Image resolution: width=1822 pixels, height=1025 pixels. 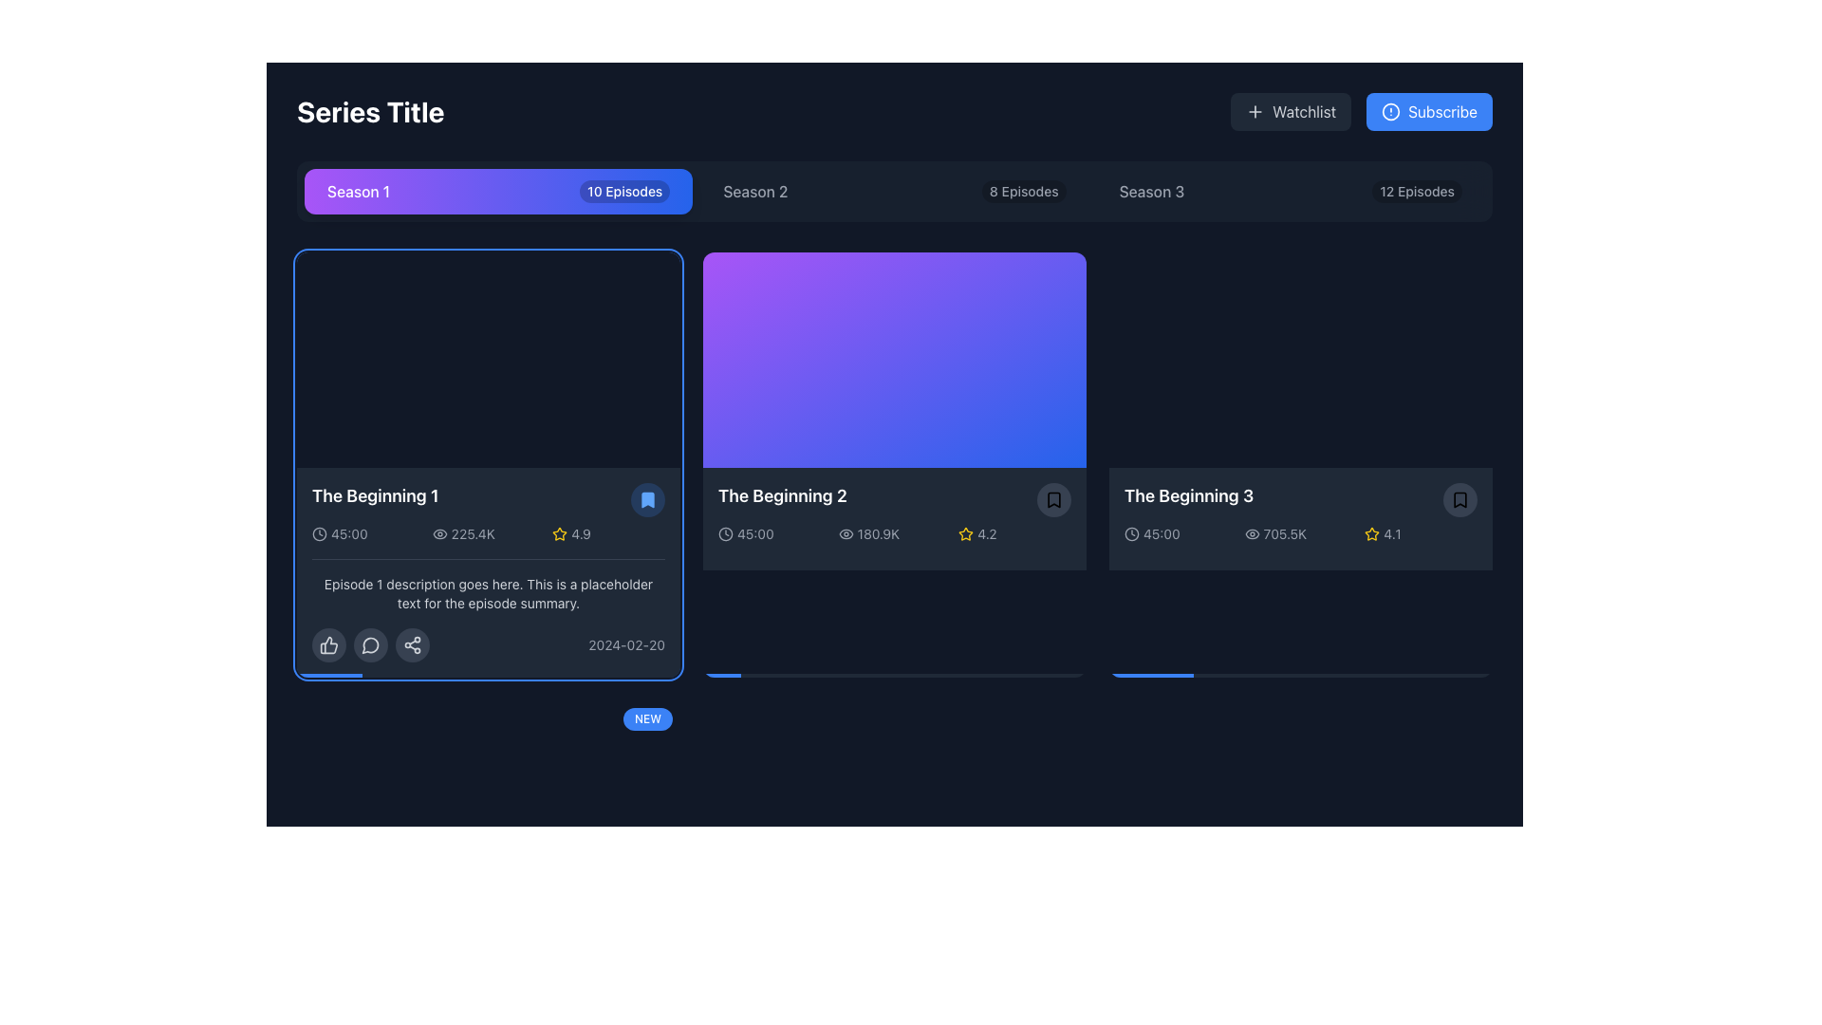 I want to click on the numerical indicator text label located within the details of the third episode card, which is positioned to the right of the eye icon and aligned with a nearby star rating, so click(x=1285, y=534).